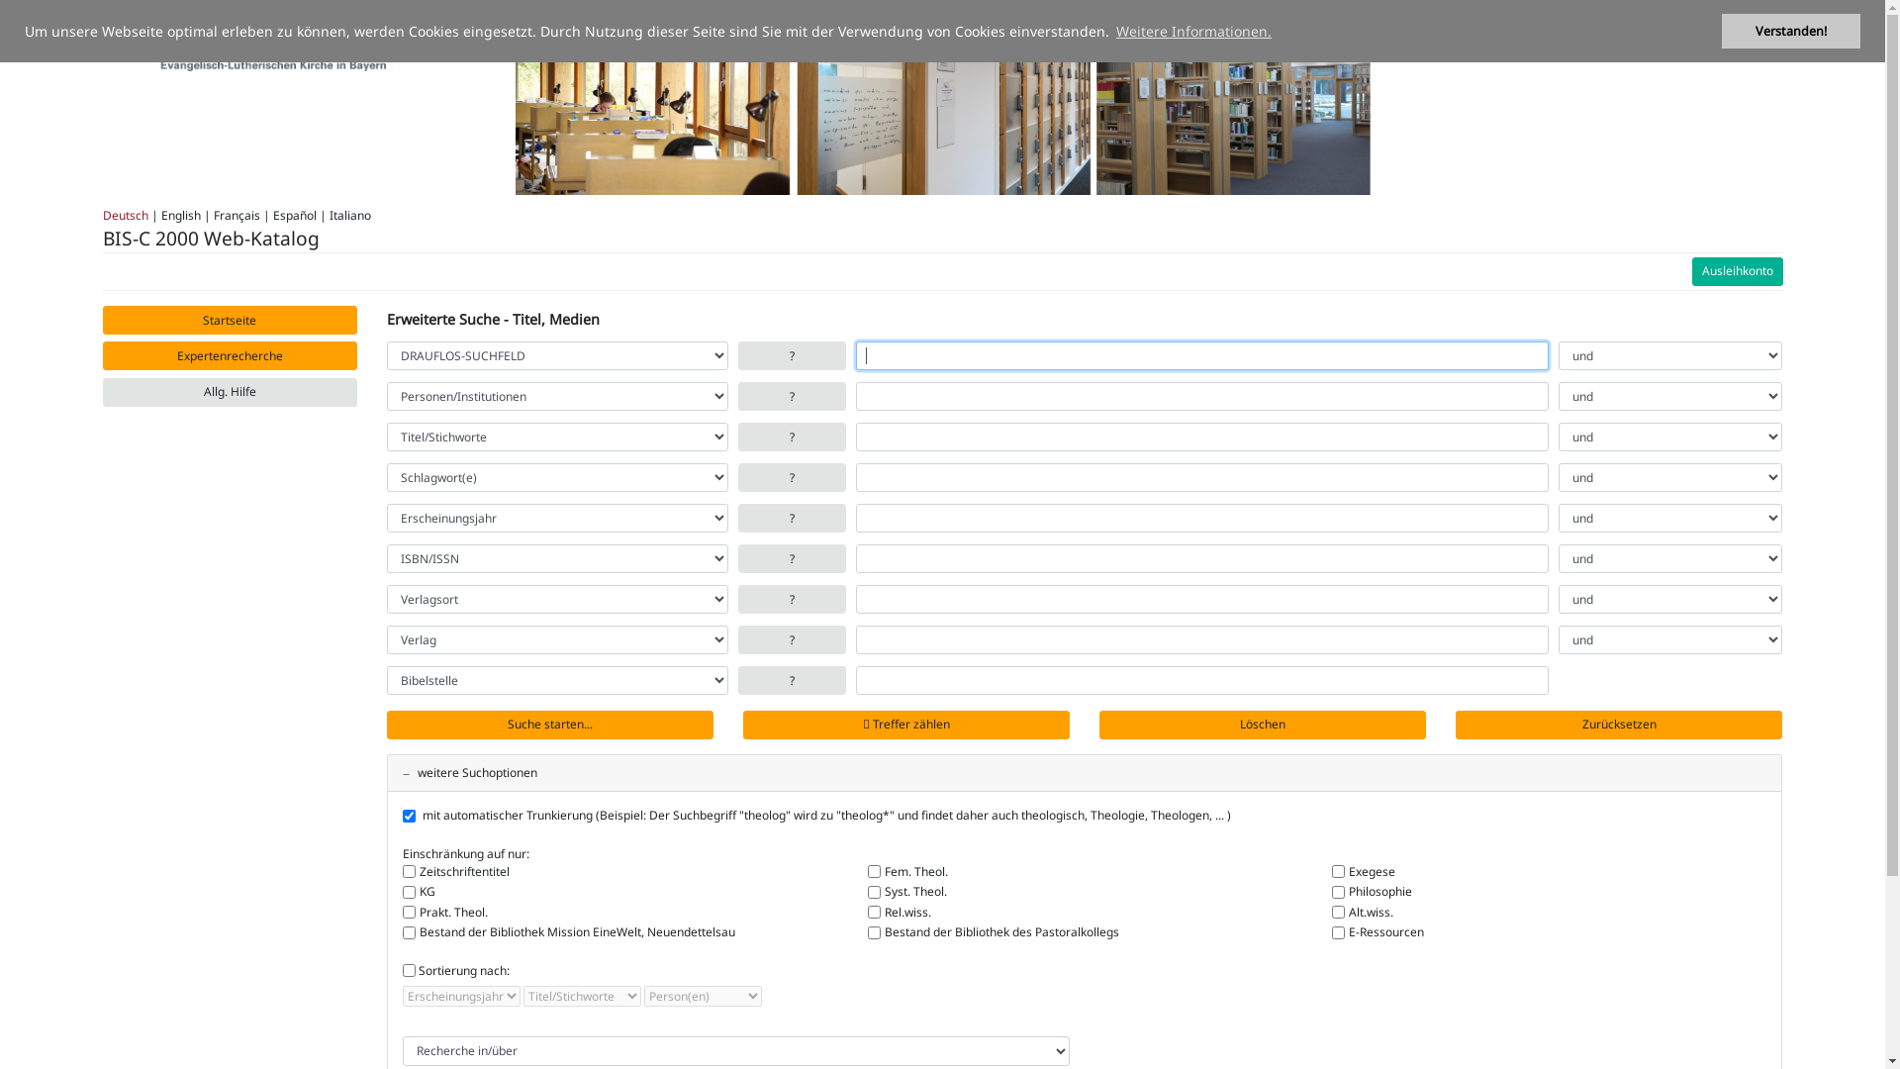  What do you see at coordinates (550, 725) in the screenshot?
I see `'Suche starten...'` at bounding box center [550, 725].